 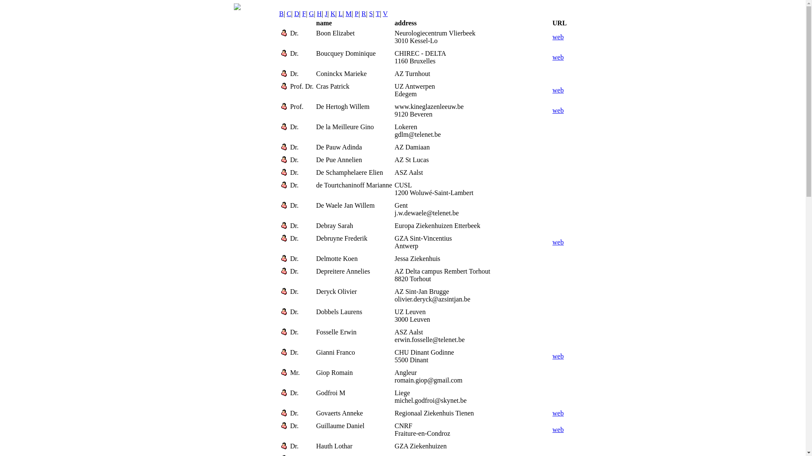 What do you see at coordinates (552, 242) in the screenshot?
I see `'web'` at bounding box center [552, 242].